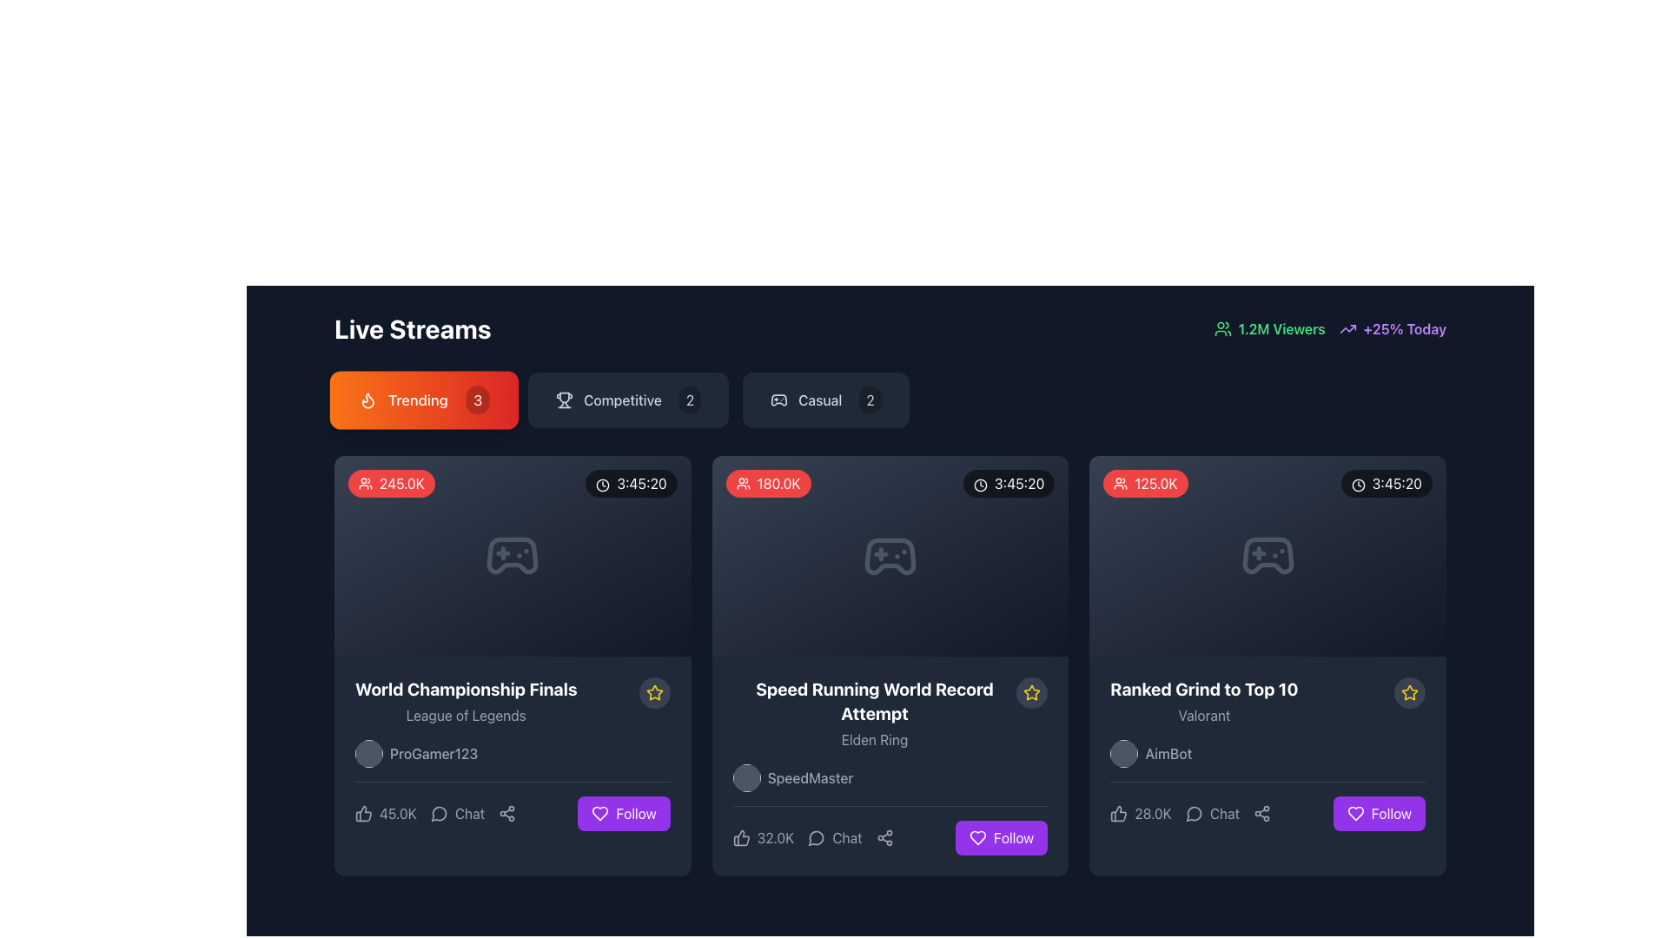 Image resolution: width=1668 pixels, height=938 pixels. I want to click on the star icon located at the right-hand corner of the 'Ranked Grind to Top 10' card for 'Valorant' and 'AimBot' to mark it as a favorite, so click(1032, 691).